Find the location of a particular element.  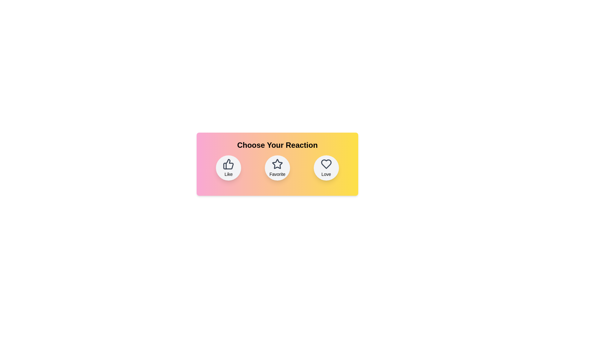

the reaction button labeled 'Love' to observe its hover effect is located at coordinates (326, 168).